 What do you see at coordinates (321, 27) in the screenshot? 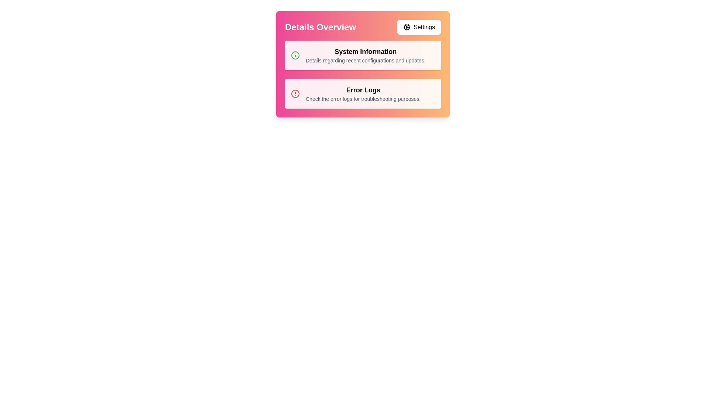
I see `the 'Details Overview' label, which is a bold, extra-large text in white on a pink-to-orange gradient background, located in the header section above the 'Settings' button` at bounding box center [321, 27].